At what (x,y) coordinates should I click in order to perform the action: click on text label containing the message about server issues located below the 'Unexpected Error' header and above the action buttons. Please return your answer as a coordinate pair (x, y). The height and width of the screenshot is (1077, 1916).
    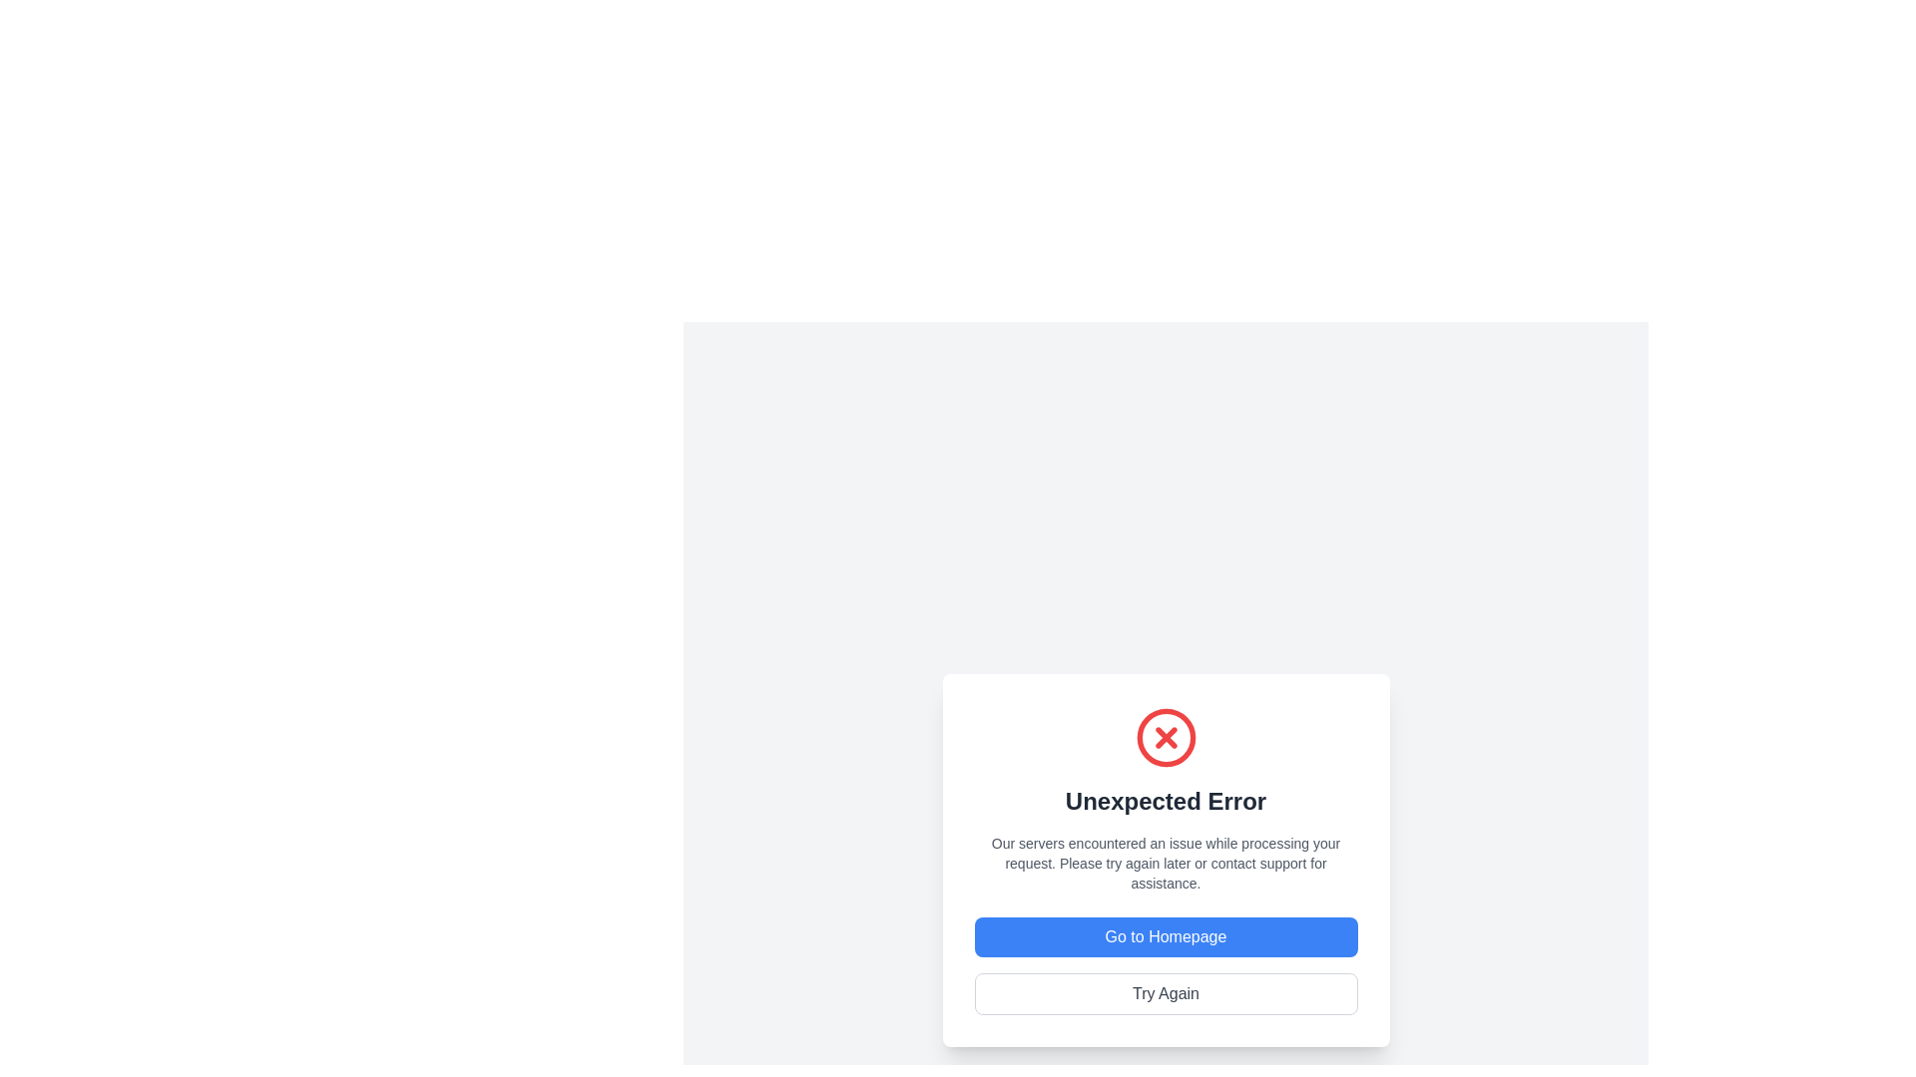
    Looking at the image, I should click on (1166, 863).